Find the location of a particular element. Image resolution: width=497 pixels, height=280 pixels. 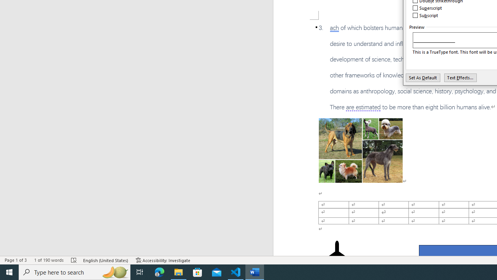

'Set As Default' is located at coordinates (422, 77).